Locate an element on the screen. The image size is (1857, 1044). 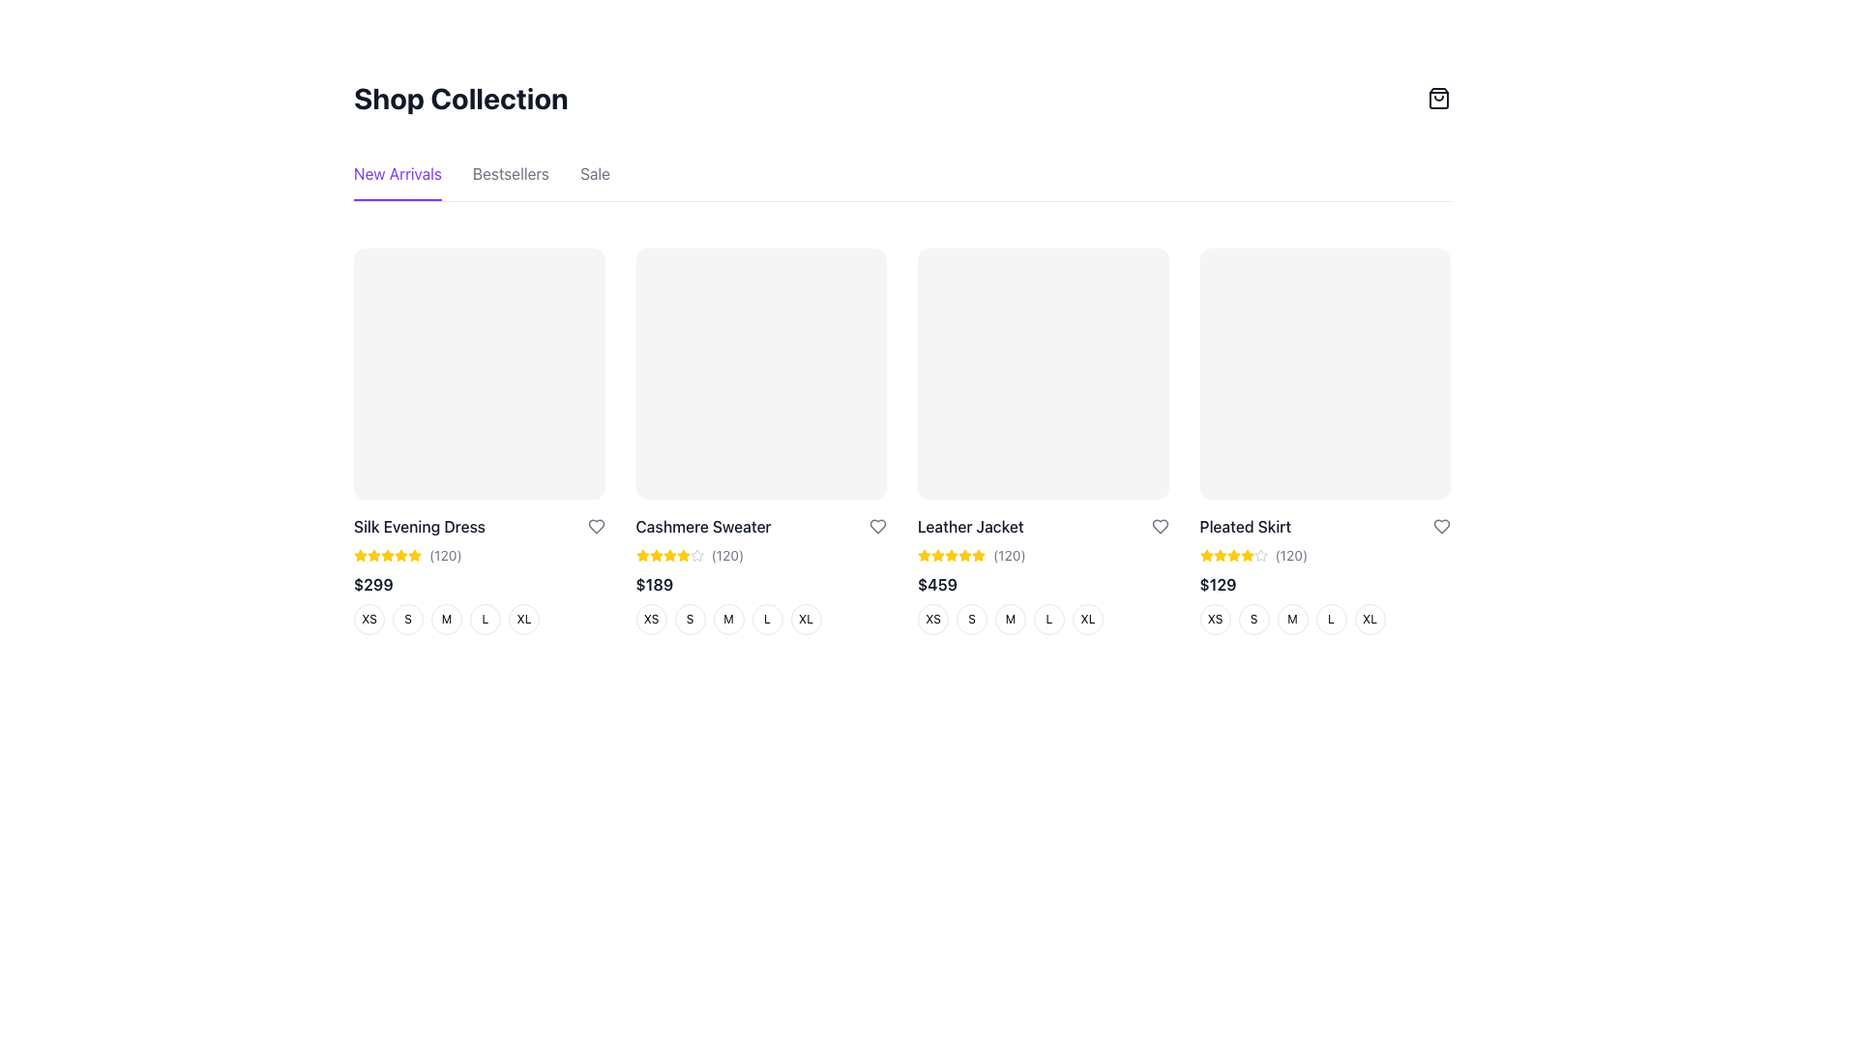
the circular button labeled 'XS' with a white background and thin gray border is located at coordinates (932, 619).